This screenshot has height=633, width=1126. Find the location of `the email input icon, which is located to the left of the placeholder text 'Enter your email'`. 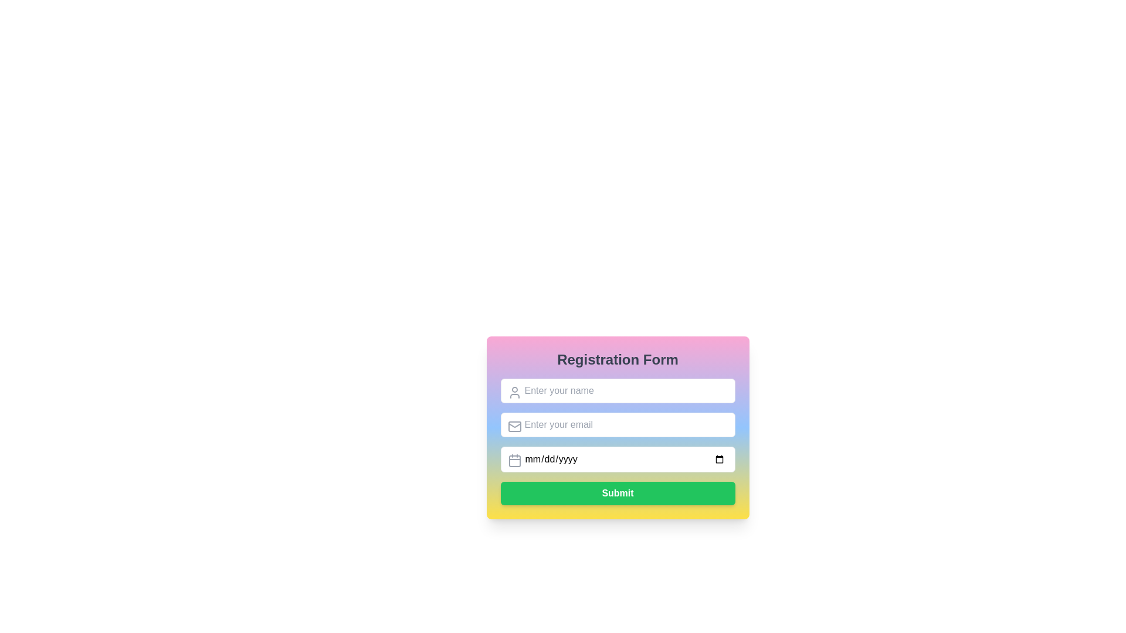

the email input icon, which is located to the left of the placeholder text 'Enter your email' is located at coordinates (514, 427).